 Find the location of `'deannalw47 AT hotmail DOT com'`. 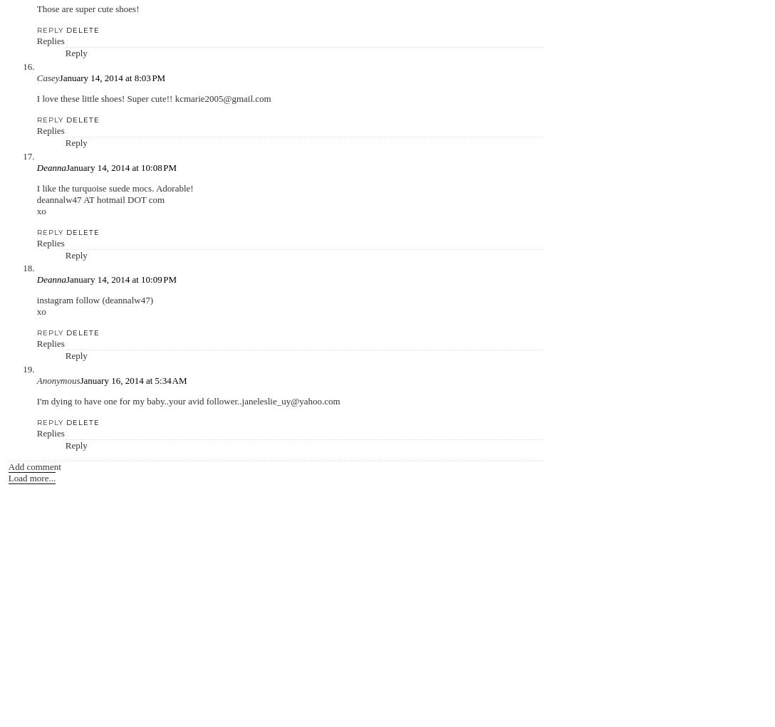

'deannalw47 AT hotmail DOT com' is located at coordinates (100, 199).